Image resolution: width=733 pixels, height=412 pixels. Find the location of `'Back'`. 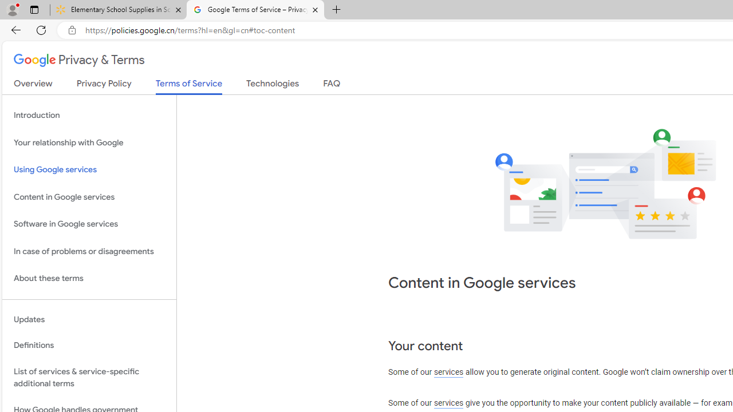

'Back' is located at coordinates (14, 29).